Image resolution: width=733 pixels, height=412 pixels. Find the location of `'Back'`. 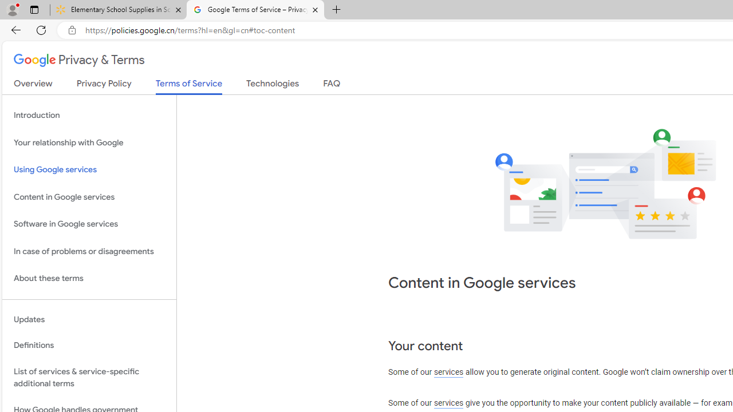

'Back' is located at coordinates (14, 29).